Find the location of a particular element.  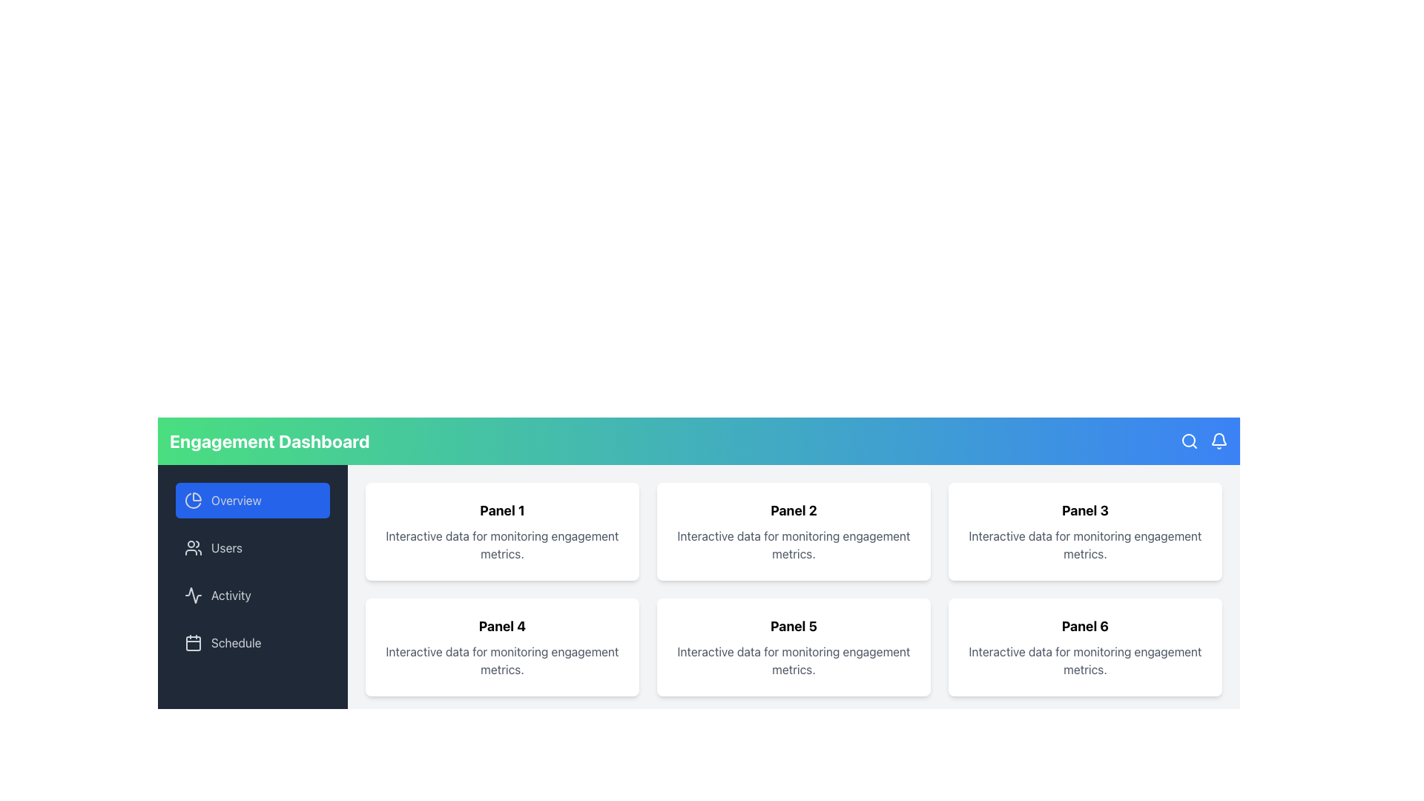

the Informational Panel identified by the title 'Panel 5' and the description 'Interactive data for monitoring engagement metrics' is located at coordinates (793, 646).